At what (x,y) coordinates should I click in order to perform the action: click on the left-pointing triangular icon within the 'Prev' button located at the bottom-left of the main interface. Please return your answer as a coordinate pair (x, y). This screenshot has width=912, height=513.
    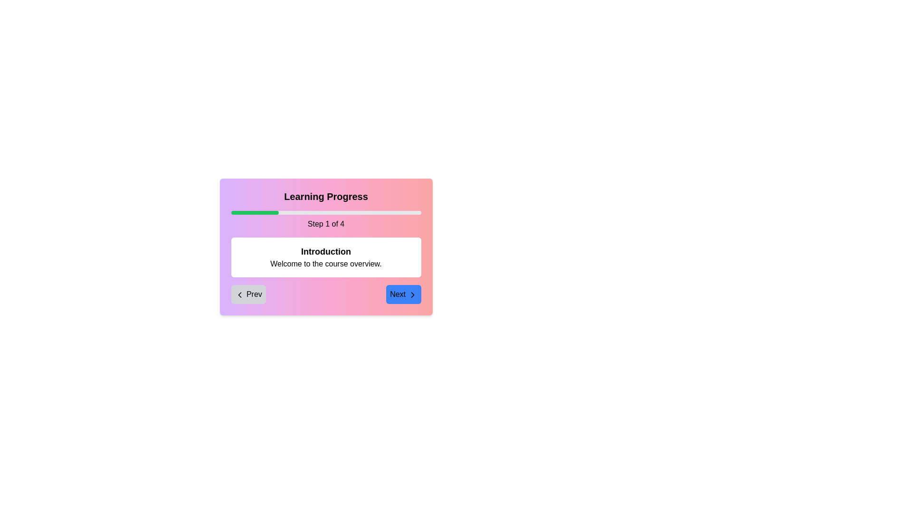
    Looking at the image, I should click on (239, 294).